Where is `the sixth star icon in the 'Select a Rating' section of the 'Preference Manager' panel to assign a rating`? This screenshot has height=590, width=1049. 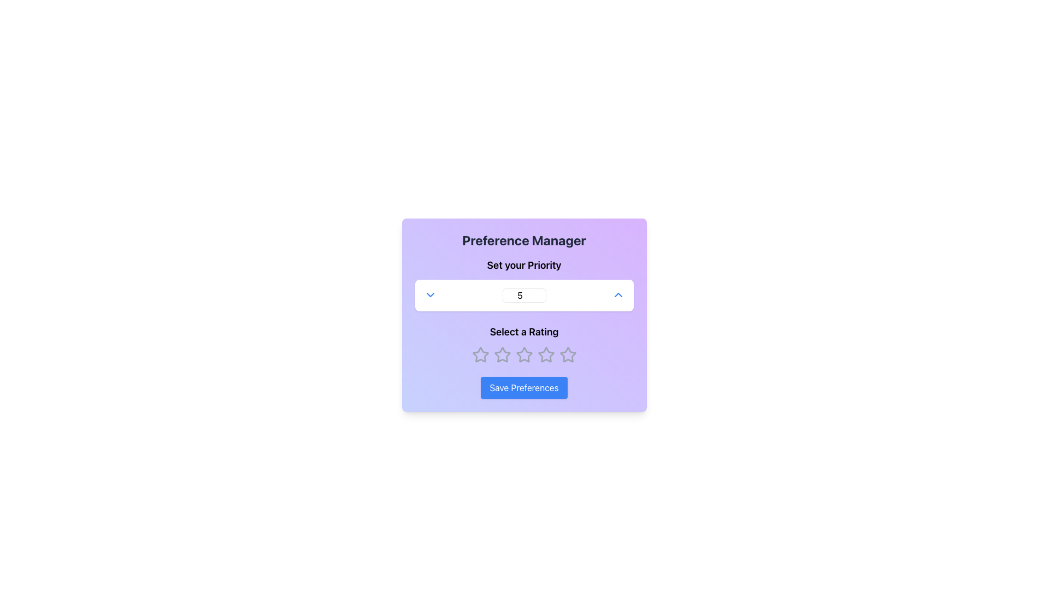
the sixth star icon in the 'Select a Rating' section of the 'Preference Manager' panel to assign a rating is located at coordinates (546, 355).